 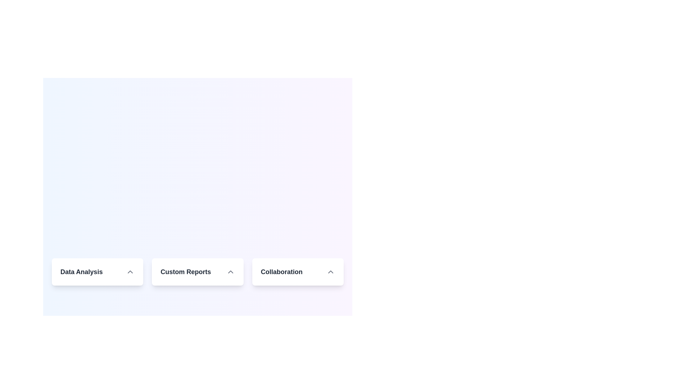 I want to click on the middle button of the three-item horizontal grid layout representing 'Custom Reports', so click(x=198, y=272).